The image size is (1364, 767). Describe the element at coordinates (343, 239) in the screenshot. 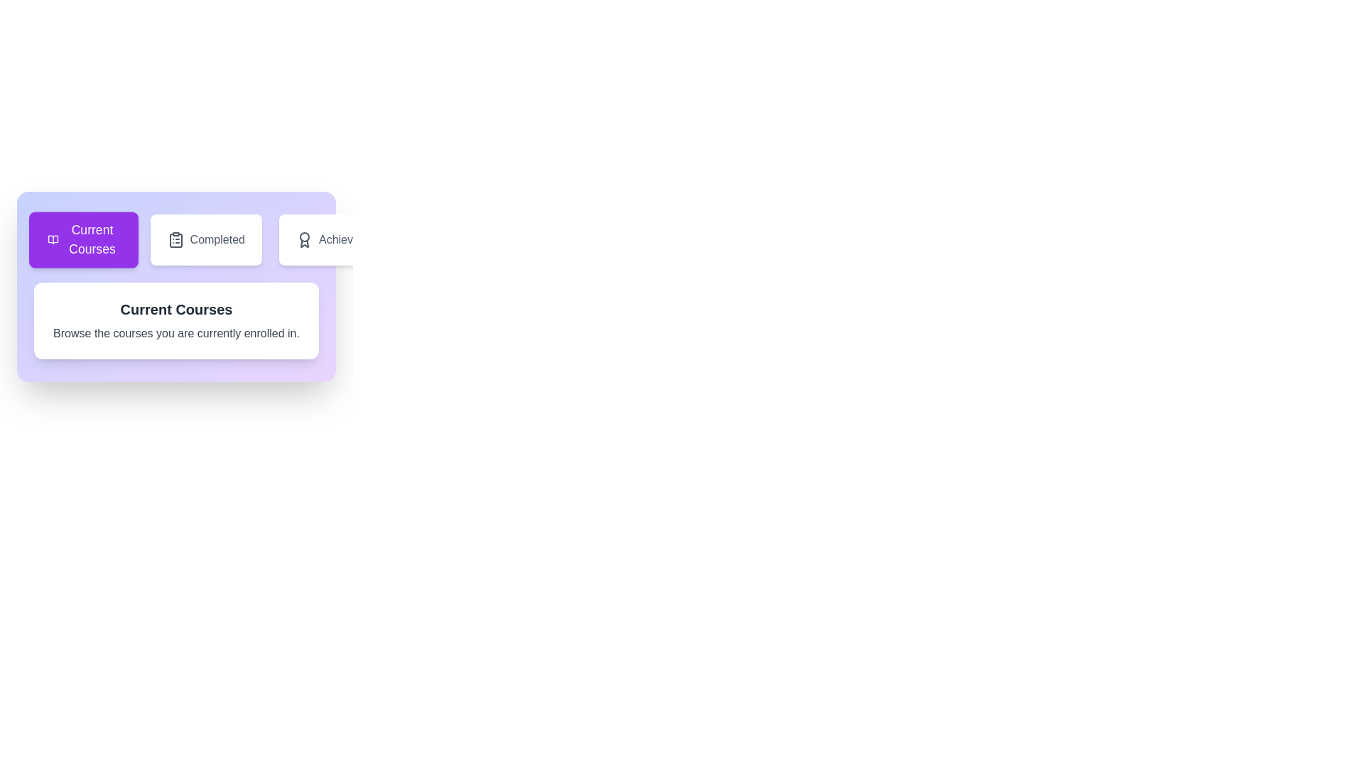

I see `the tab labeled Achievements to preview its content` at that location.